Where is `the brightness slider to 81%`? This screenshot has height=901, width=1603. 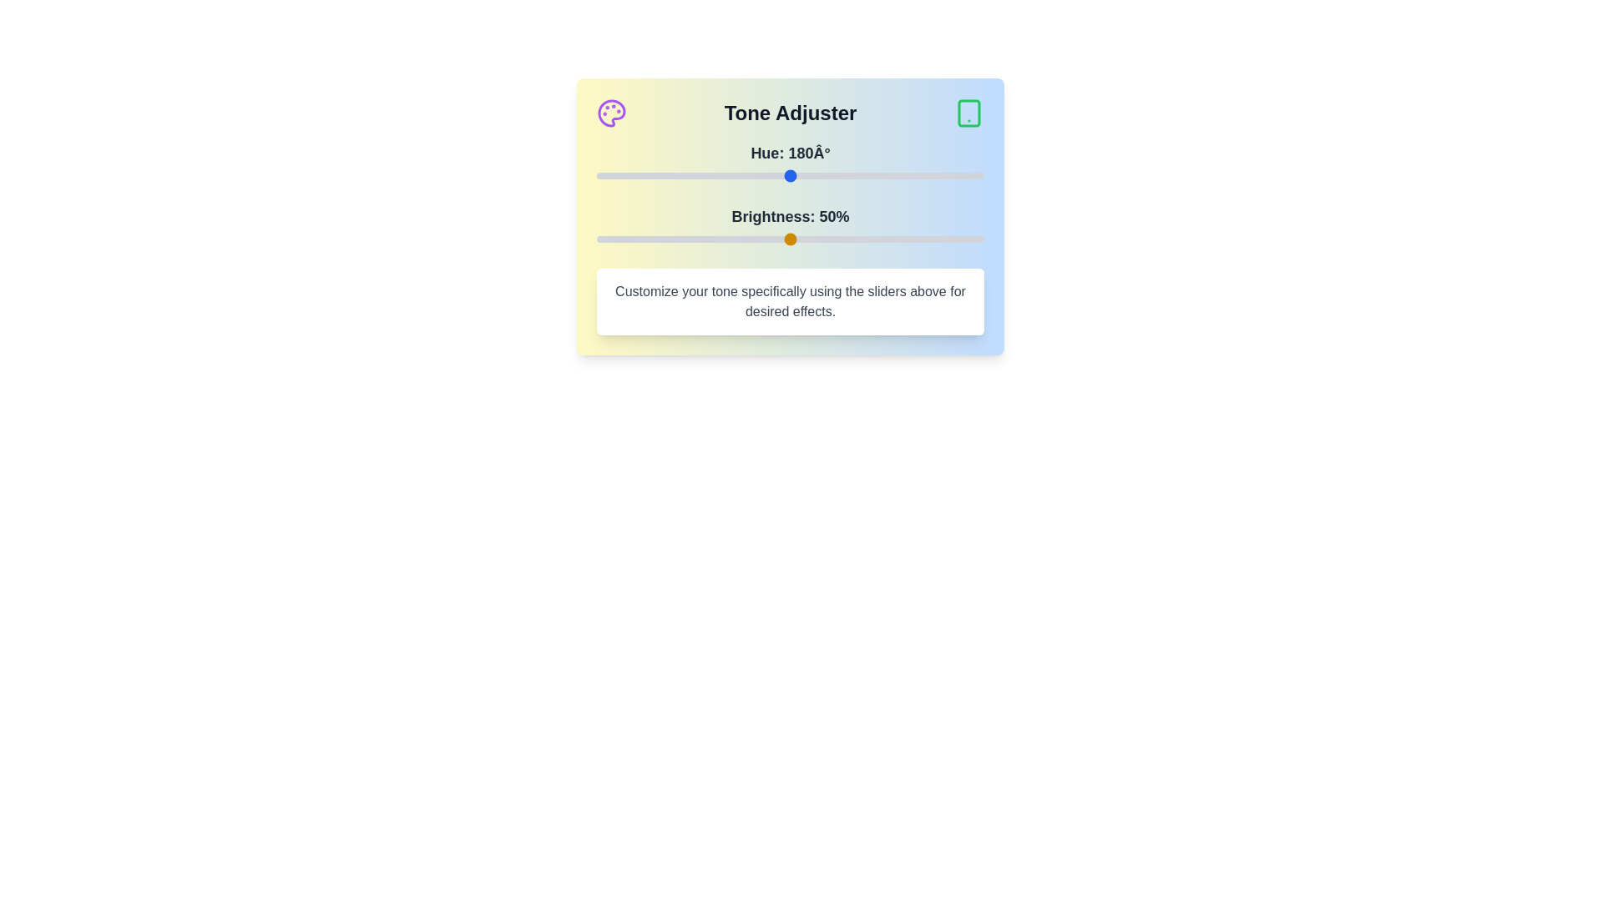 the brightness slider to 81% is located at coordinates (909, 239).